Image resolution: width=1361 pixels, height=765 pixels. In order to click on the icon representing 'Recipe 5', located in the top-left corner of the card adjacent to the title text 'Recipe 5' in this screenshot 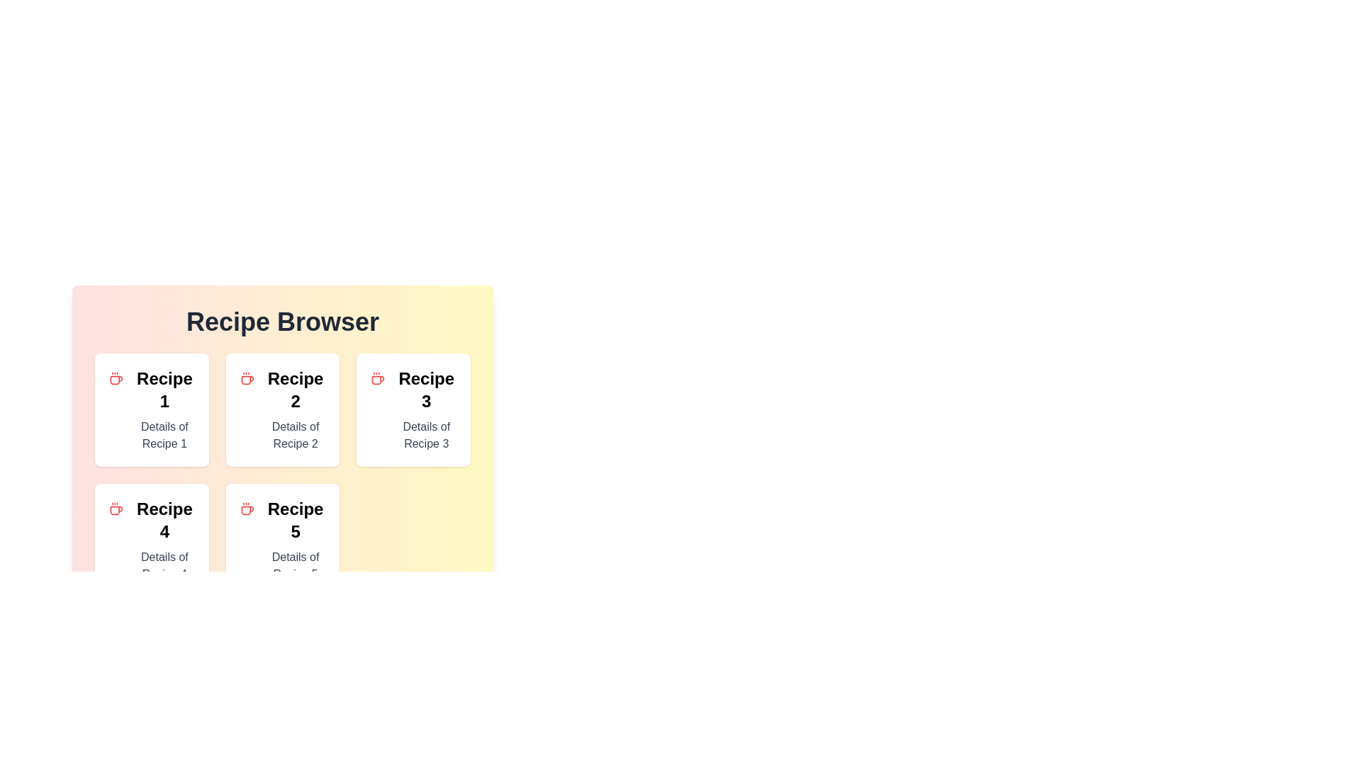, I will do `click(247, 508)`.